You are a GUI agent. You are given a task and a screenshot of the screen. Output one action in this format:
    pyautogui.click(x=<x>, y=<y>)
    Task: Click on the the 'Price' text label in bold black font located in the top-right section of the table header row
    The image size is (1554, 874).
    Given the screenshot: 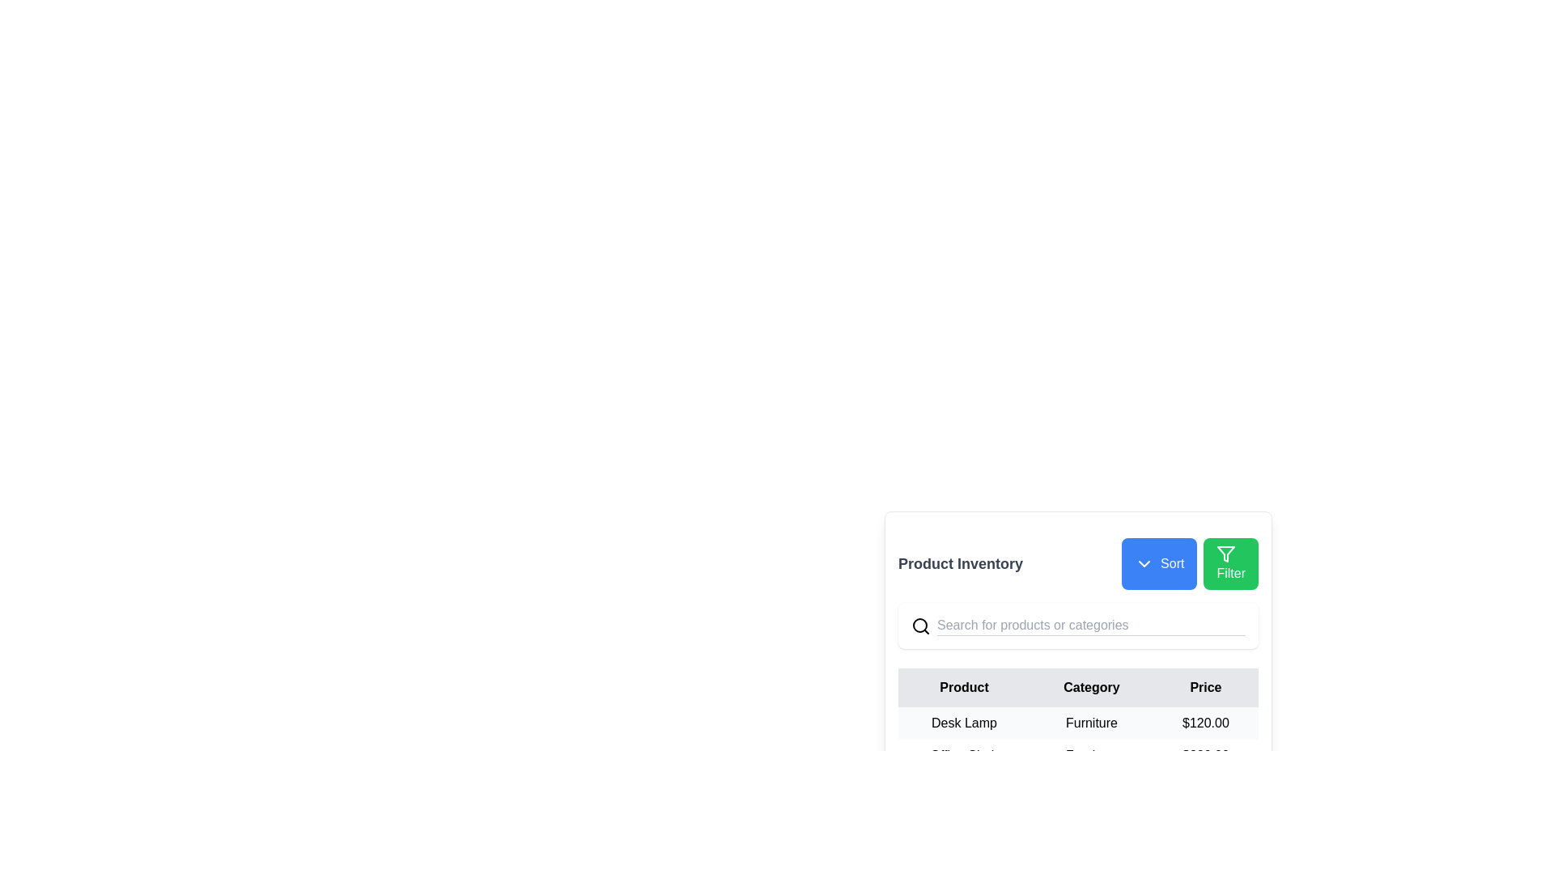 What is the action you would take?
    pyautogui.click(x=1205, y=687)
    